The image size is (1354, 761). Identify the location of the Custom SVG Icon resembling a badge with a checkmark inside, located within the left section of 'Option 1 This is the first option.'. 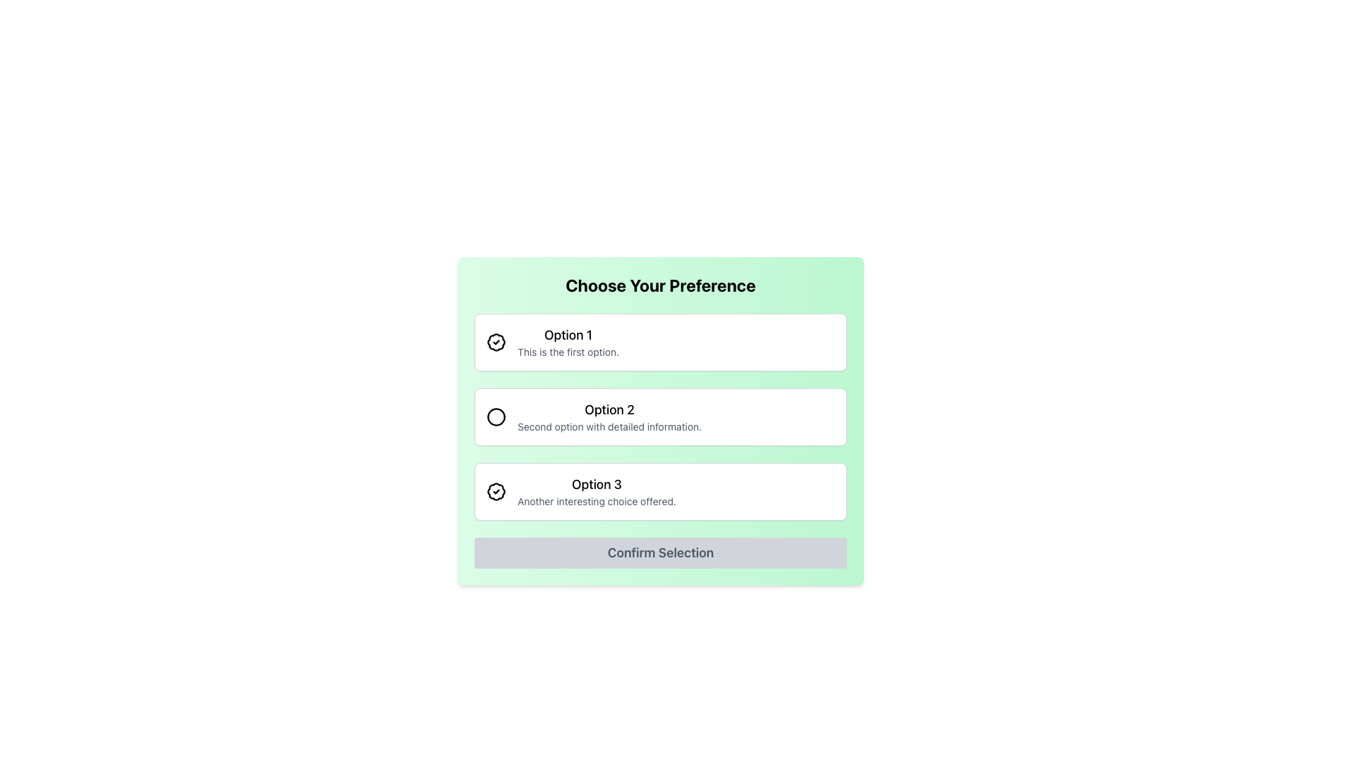
(496, 342).